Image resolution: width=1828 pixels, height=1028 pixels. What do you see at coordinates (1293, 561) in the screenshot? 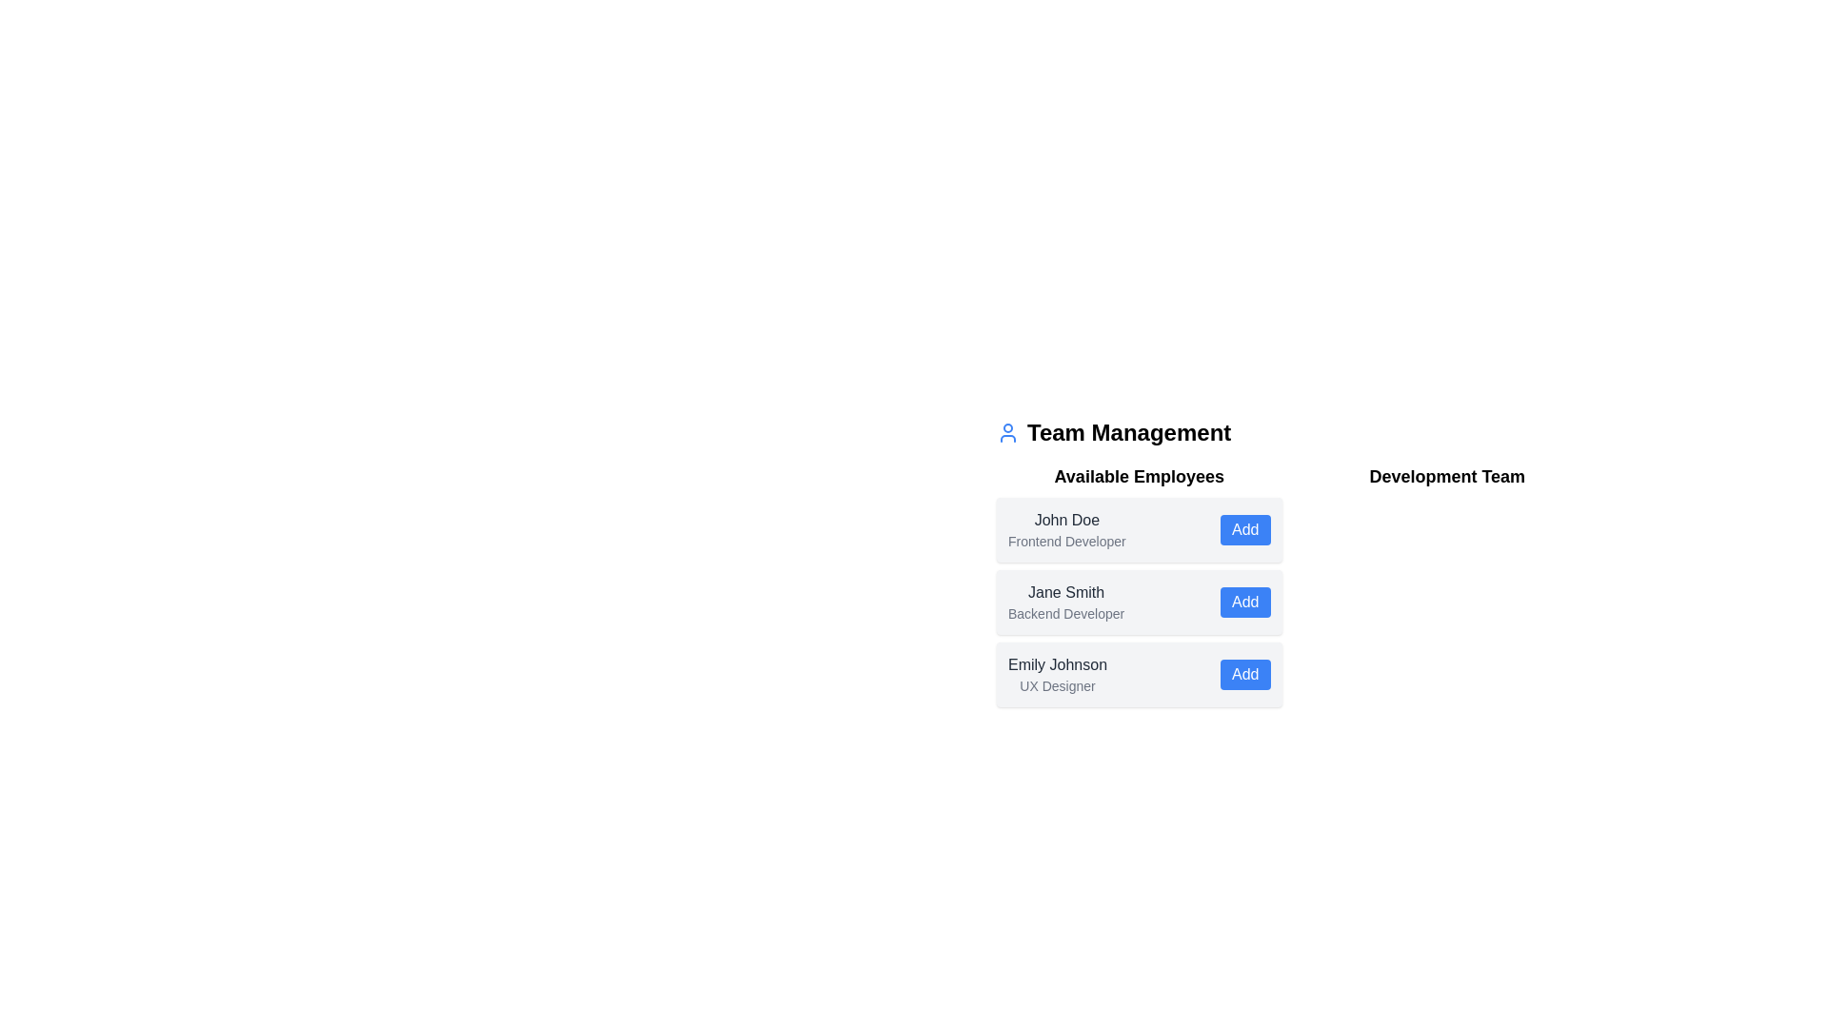
I see `the 'Add' button in the 'Team Management' section` at bounding box center [1293, 561].